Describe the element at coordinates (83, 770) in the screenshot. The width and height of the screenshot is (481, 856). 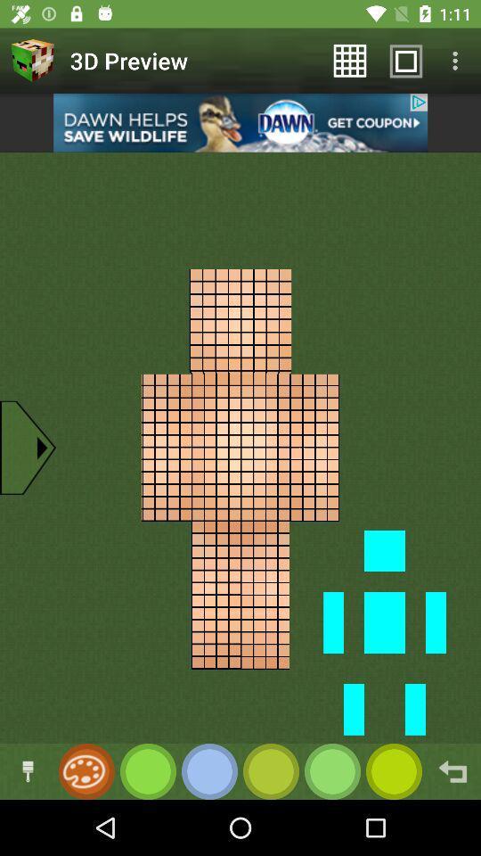
I see `the painting is needed` at that location.